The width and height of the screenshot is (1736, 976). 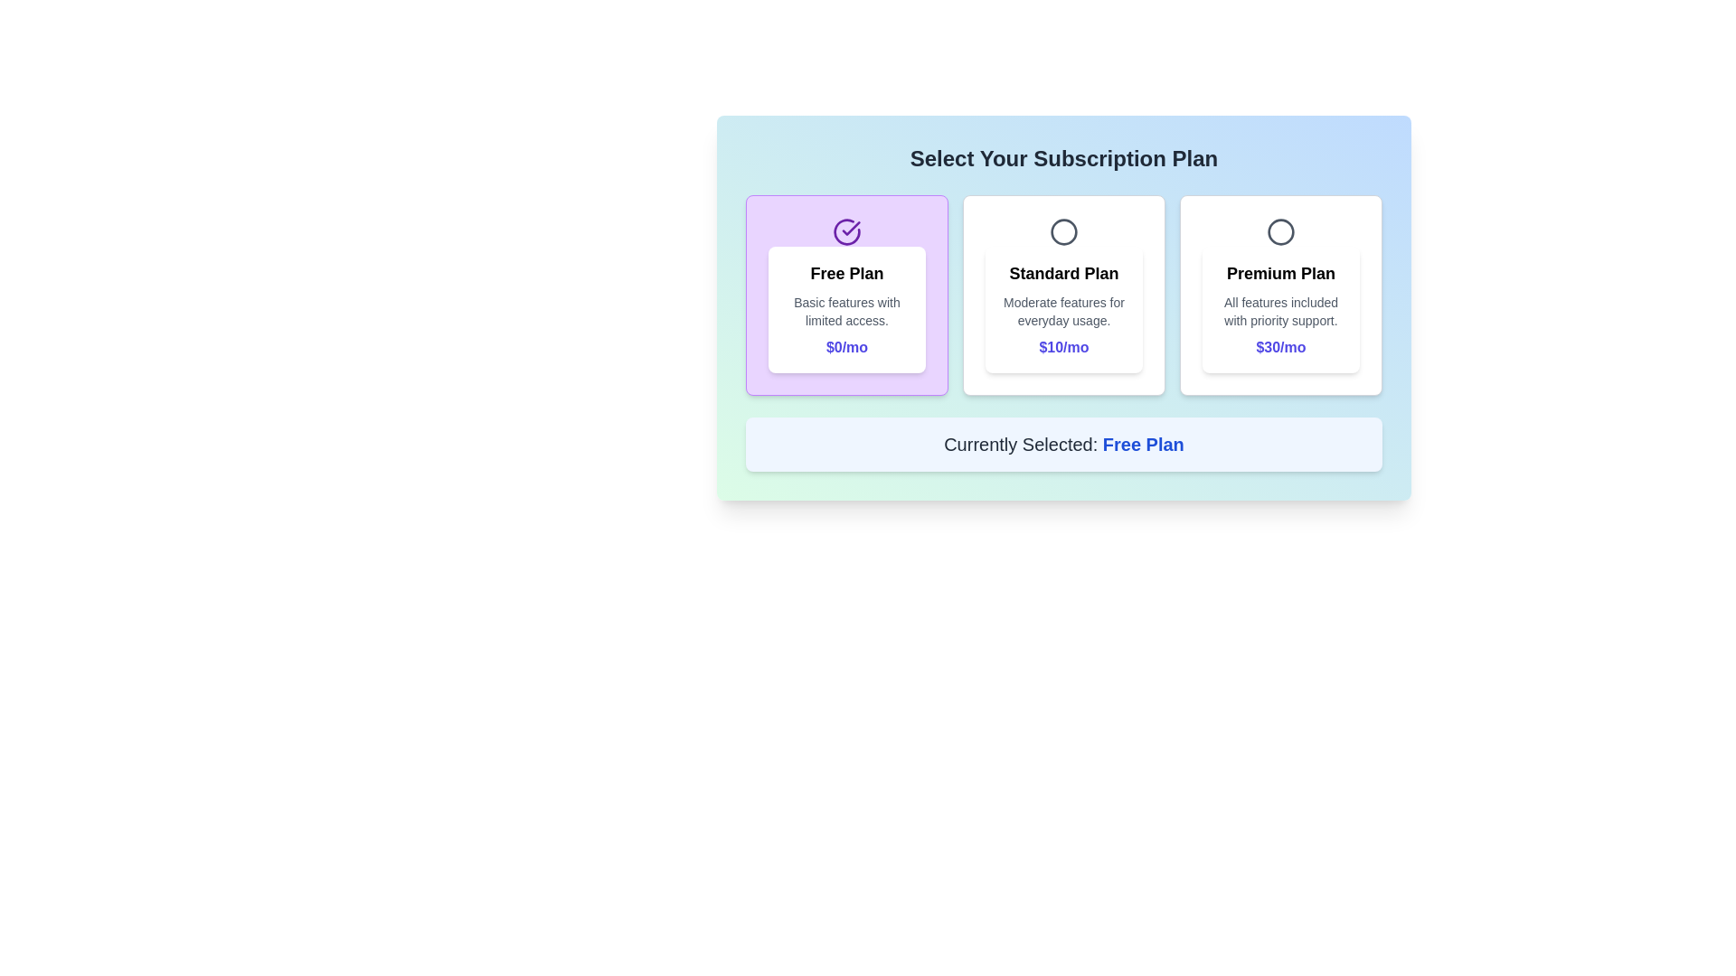 What do you see at coordinates (845, 295) in the screenshot?
I see `the first interactive subscription plan card located in the top-left corner of the grid` at bounding box center [845, 295].